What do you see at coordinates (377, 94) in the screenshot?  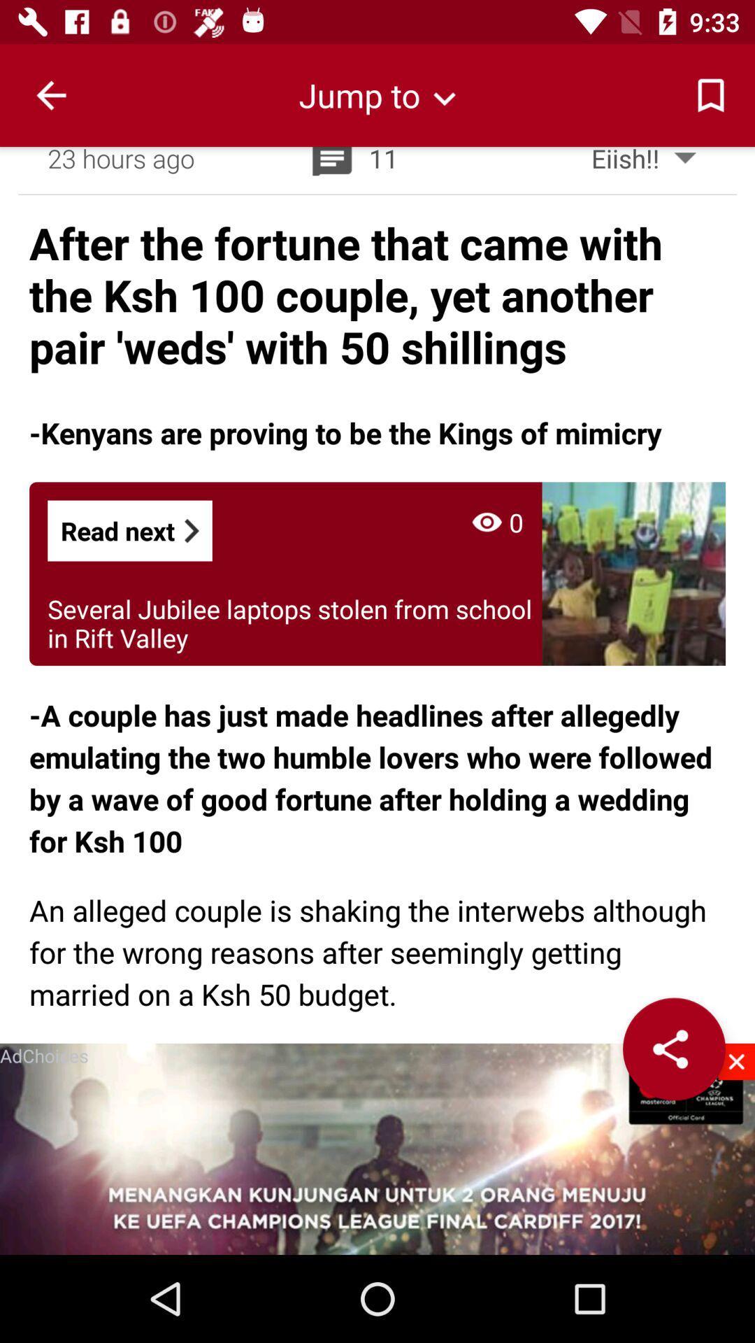 I see `the item above the 23 hours ago item` at bounding box center [377, 94].